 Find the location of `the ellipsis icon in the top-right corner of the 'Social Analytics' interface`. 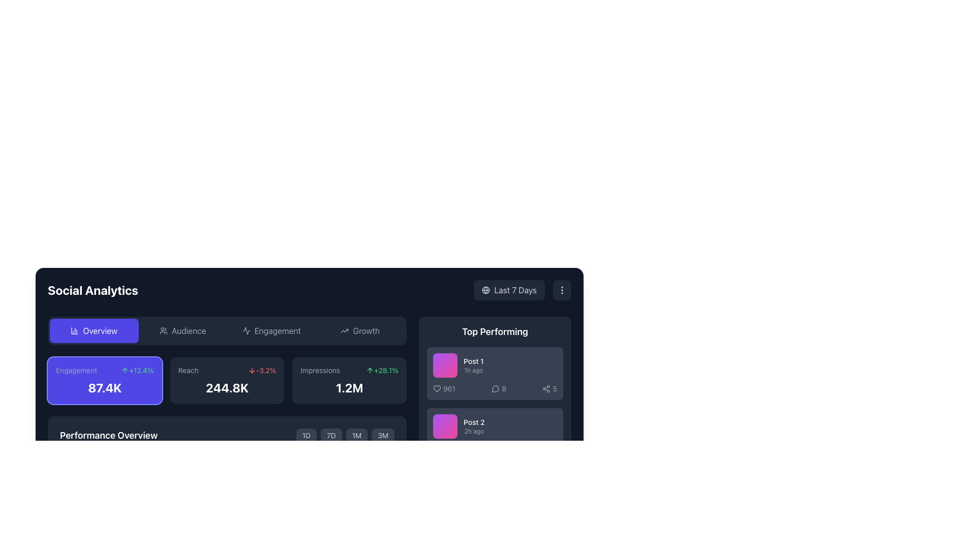

the ellipsis icon in the top-right corner of the 'Social Analytics' interface is located at coordinates (561, 290).